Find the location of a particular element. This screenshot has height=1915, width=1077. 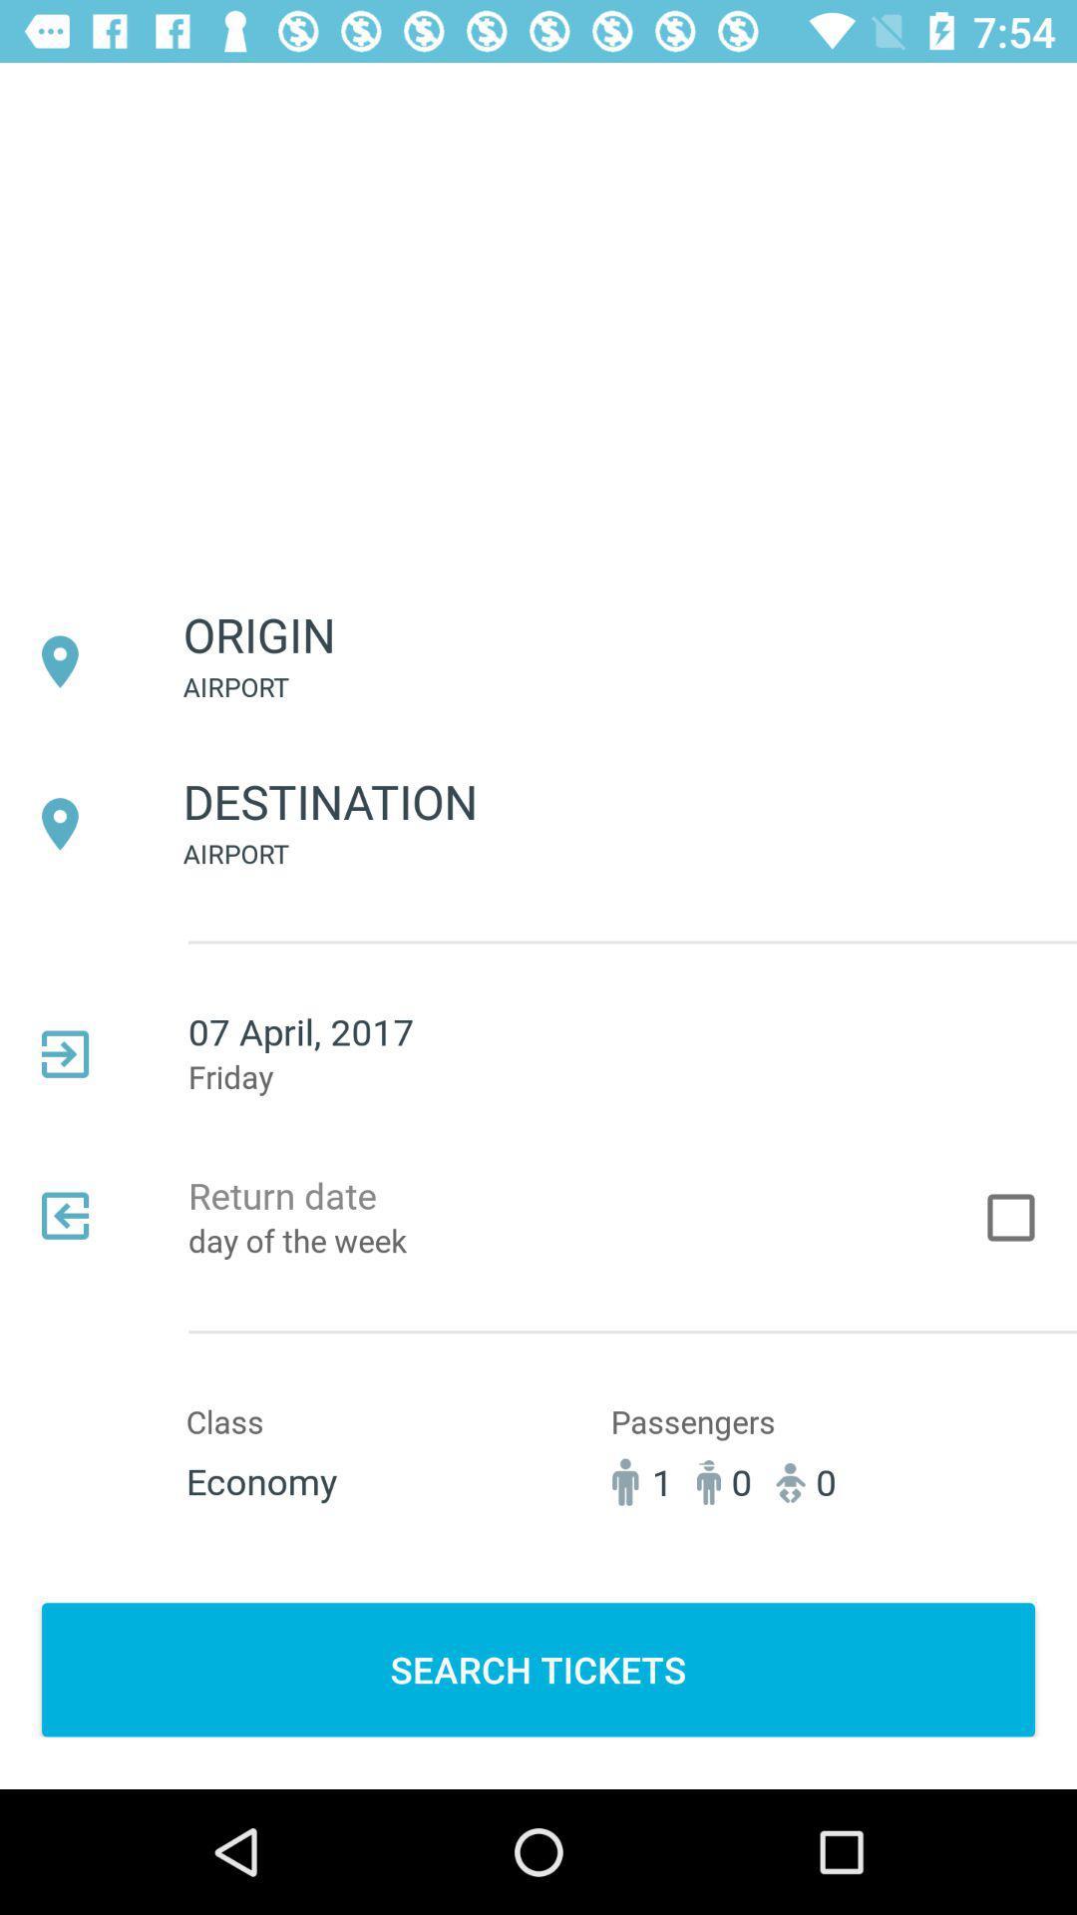

item below 1 icon is located at coordinates (538, 1670).